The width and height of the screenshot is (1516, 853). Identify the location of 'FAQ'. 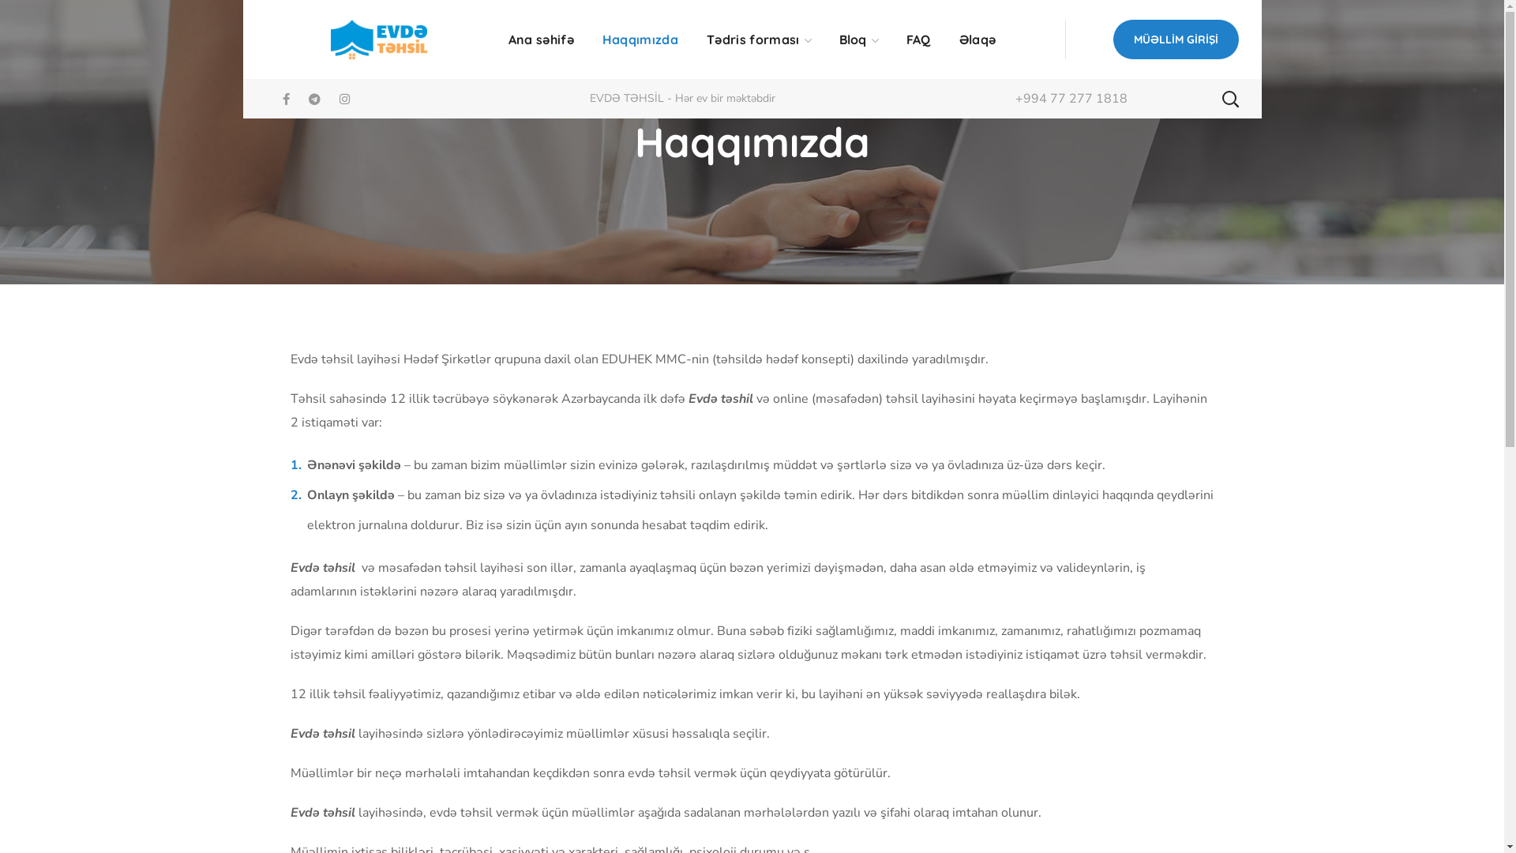
(918, 39).